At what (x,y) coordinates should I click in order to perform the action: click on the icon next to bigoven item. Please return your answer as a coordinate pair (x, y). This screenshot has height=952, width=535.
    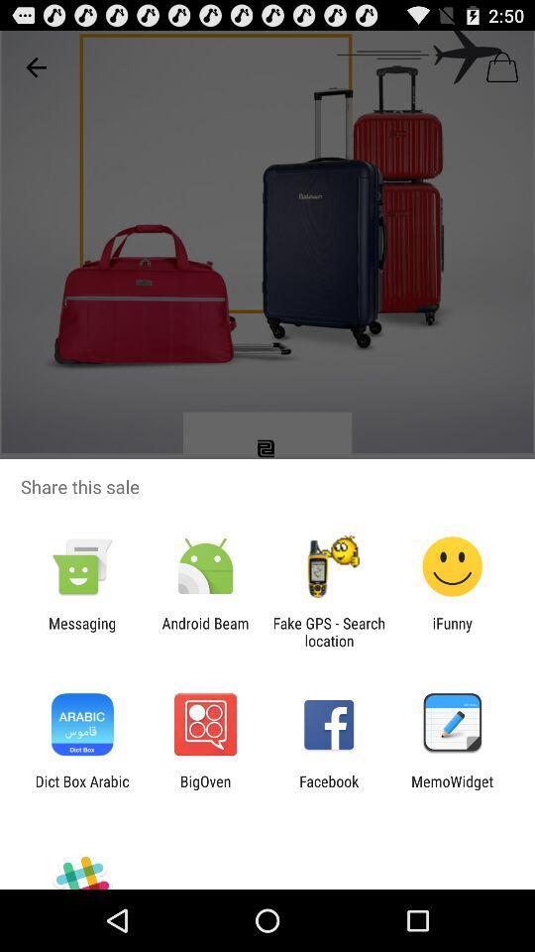
    Looking at the image, I should click on (81, 789).